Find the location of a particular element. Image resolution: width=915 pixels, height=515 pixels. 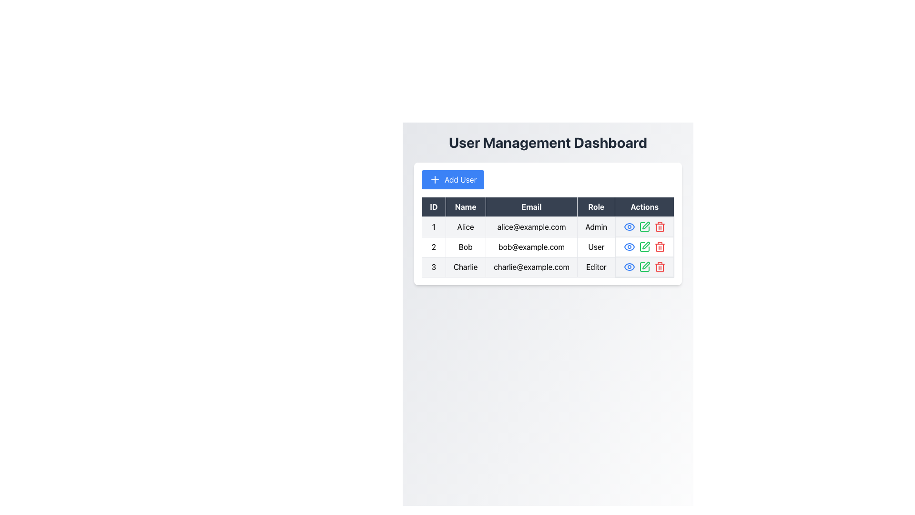

text from the table cell displaying the role assigned to the user 'Bob', which is located under the 'Role' column in the second row of the table is located at coordinates (596, 246).